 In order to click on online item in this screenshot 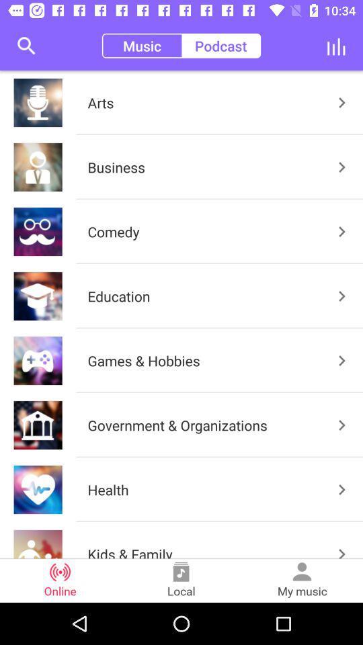, I will do `click(60, 580)`.